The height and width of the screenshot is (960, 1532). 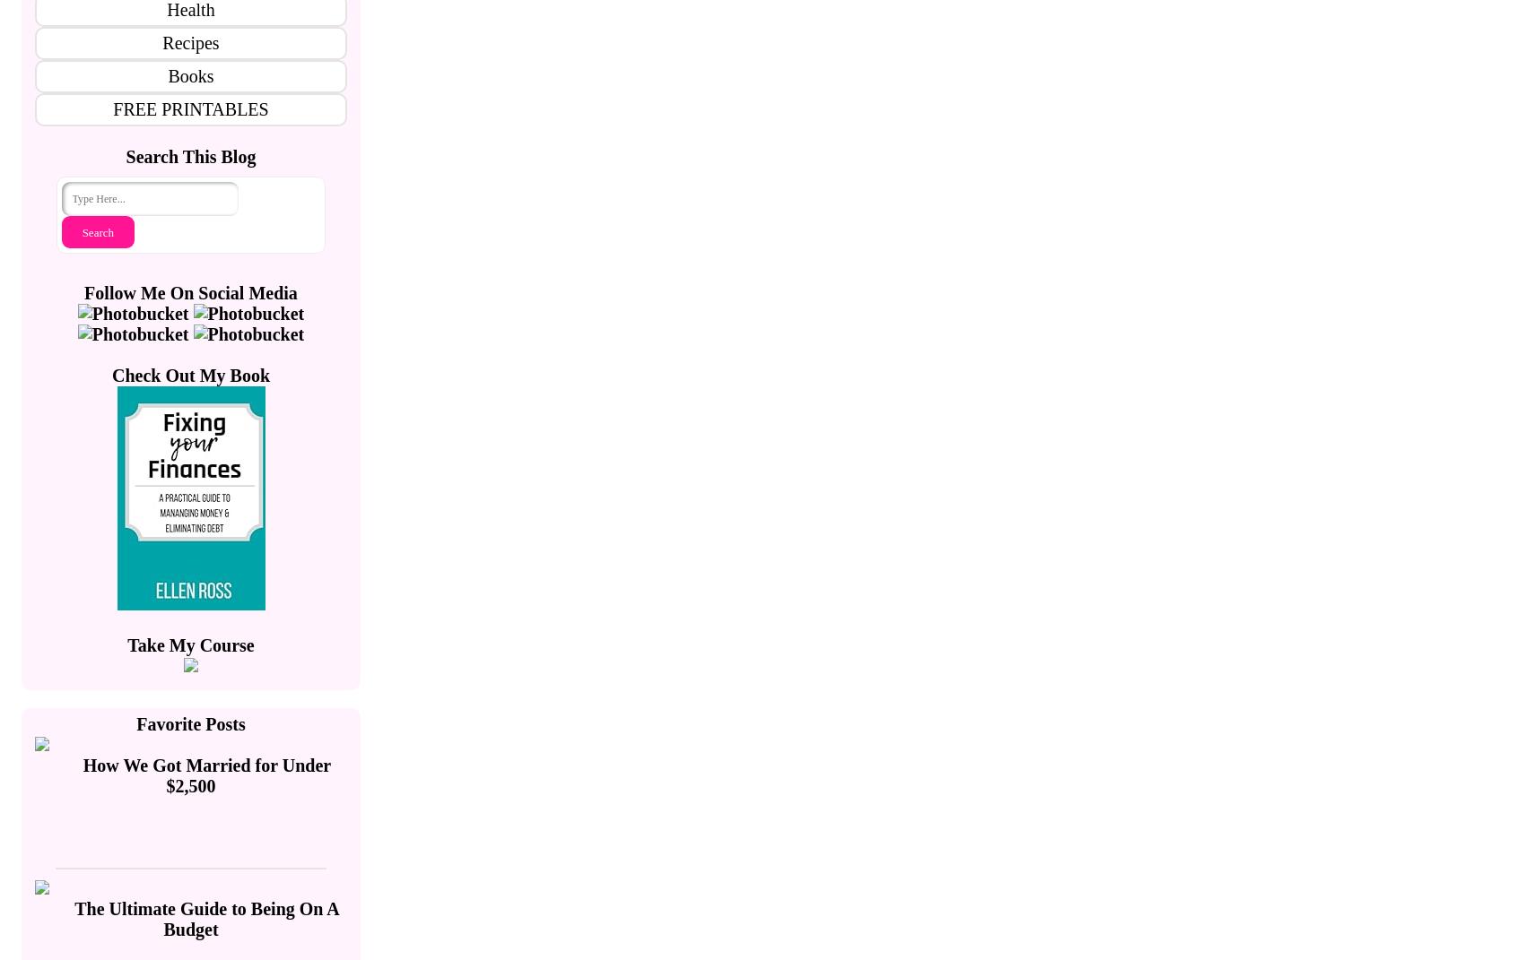 What do you see at coordinates (190, 645) in the screenshot?
I see `'Take My Course'` at bounding box center [190, 645].